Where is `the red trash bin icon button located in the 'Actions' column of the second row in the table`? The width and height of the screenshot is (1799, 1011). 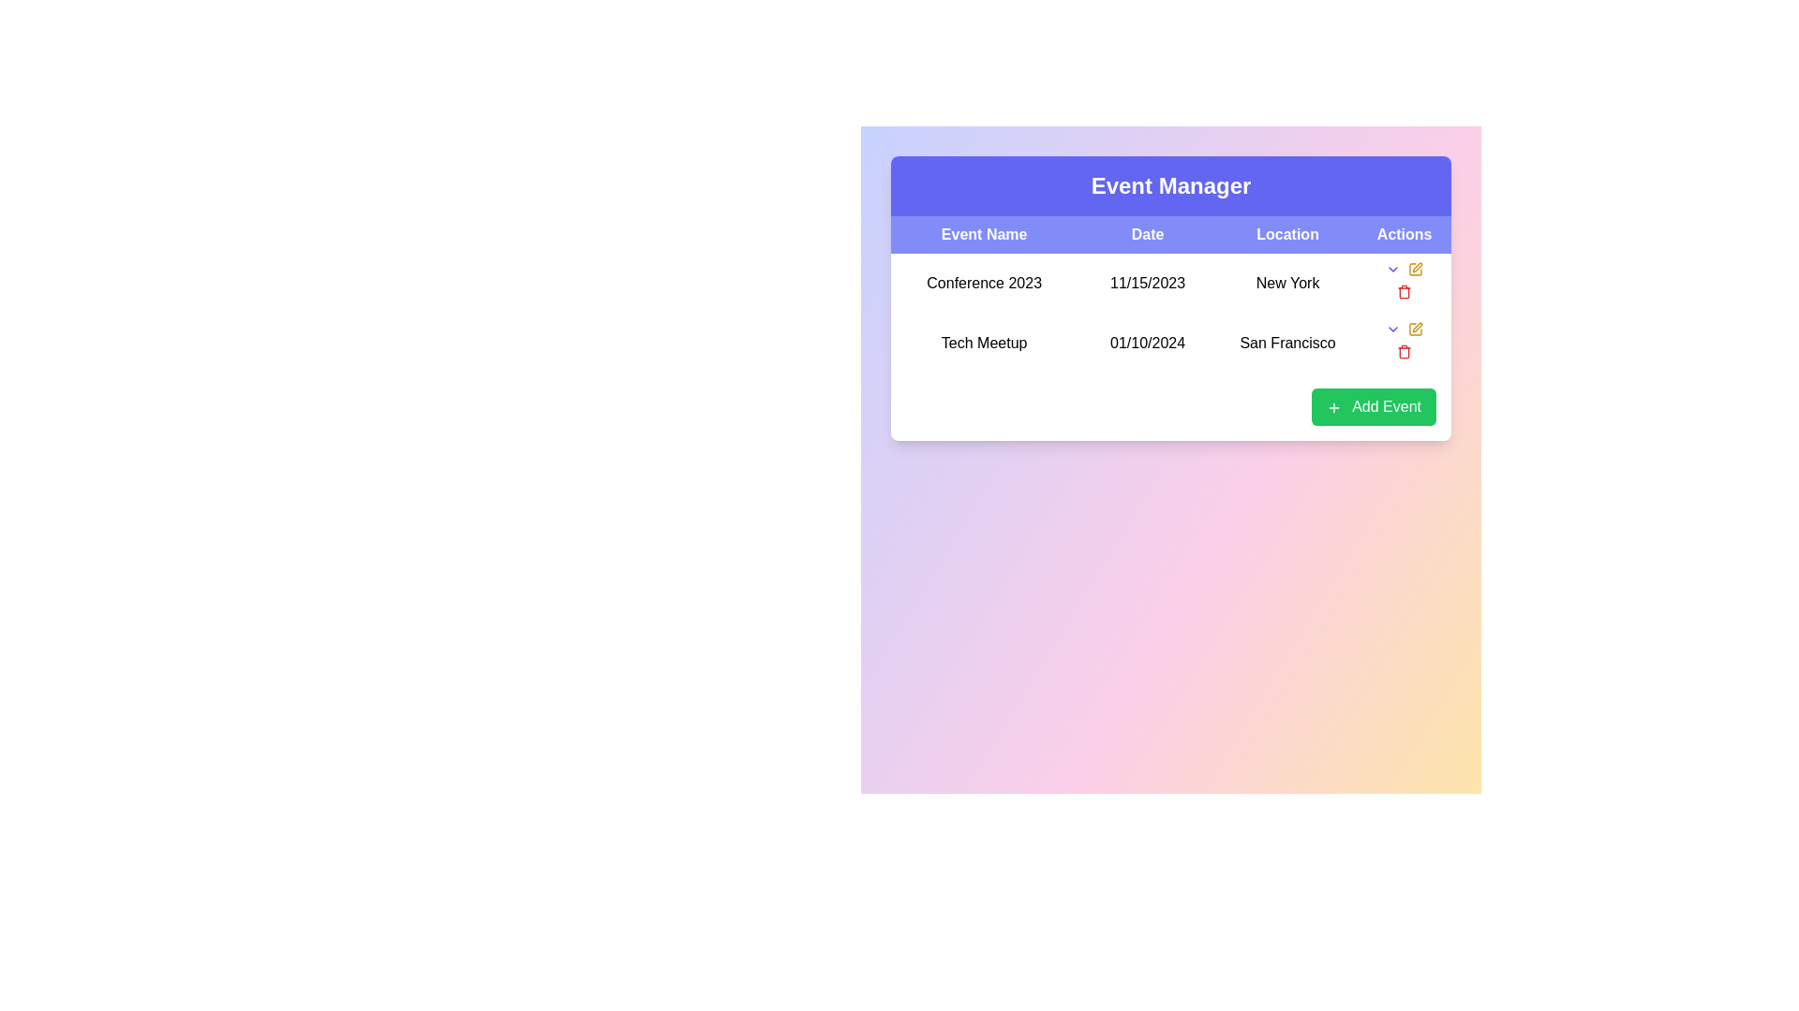
the red trash bin icon button located in the 'Actions' column of the second row in the table is located at coordinates (1404, 351).